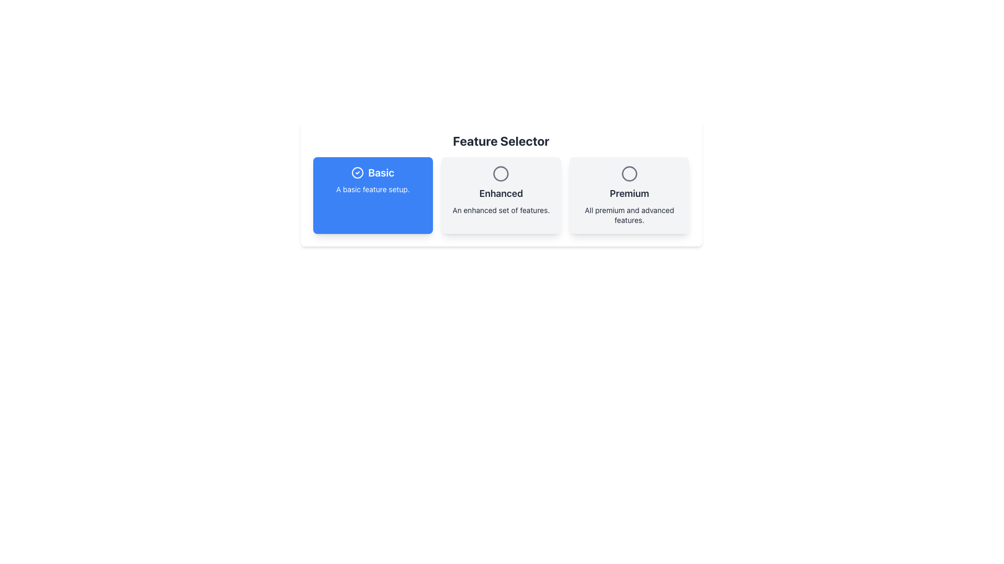  I want to click on the static text label that provides additional information about the feature titled 'Basic', which is located below the title 'Basic' and a checkmark icon, so click(373, 189).